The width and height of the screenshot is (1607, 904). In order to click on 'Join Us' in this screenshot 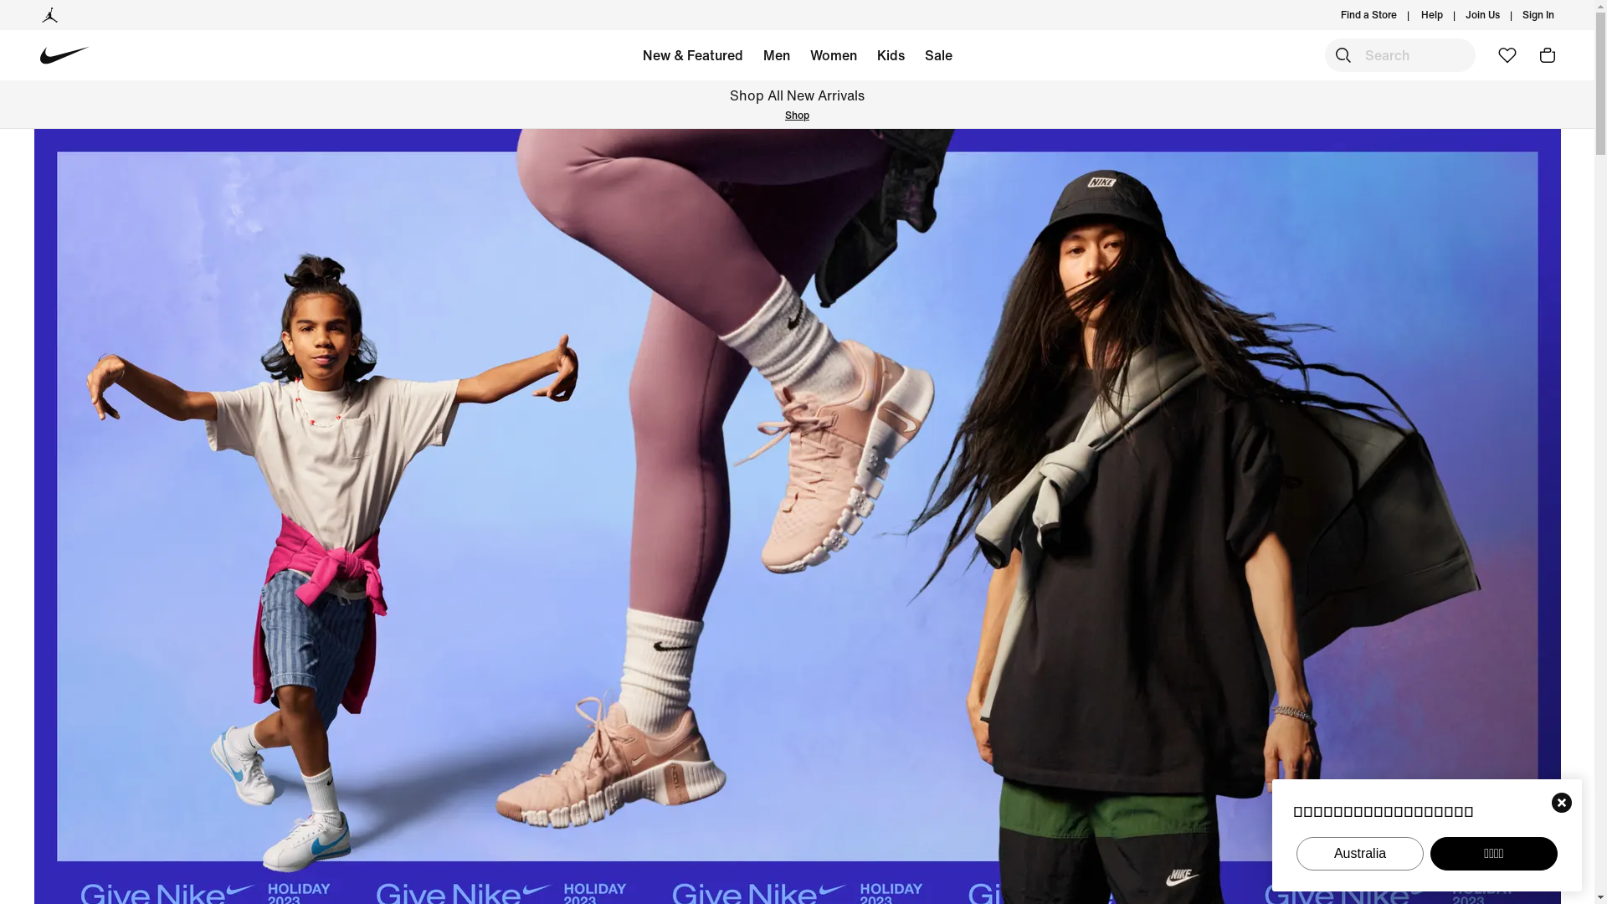, I will do `click(1482, 15)`.